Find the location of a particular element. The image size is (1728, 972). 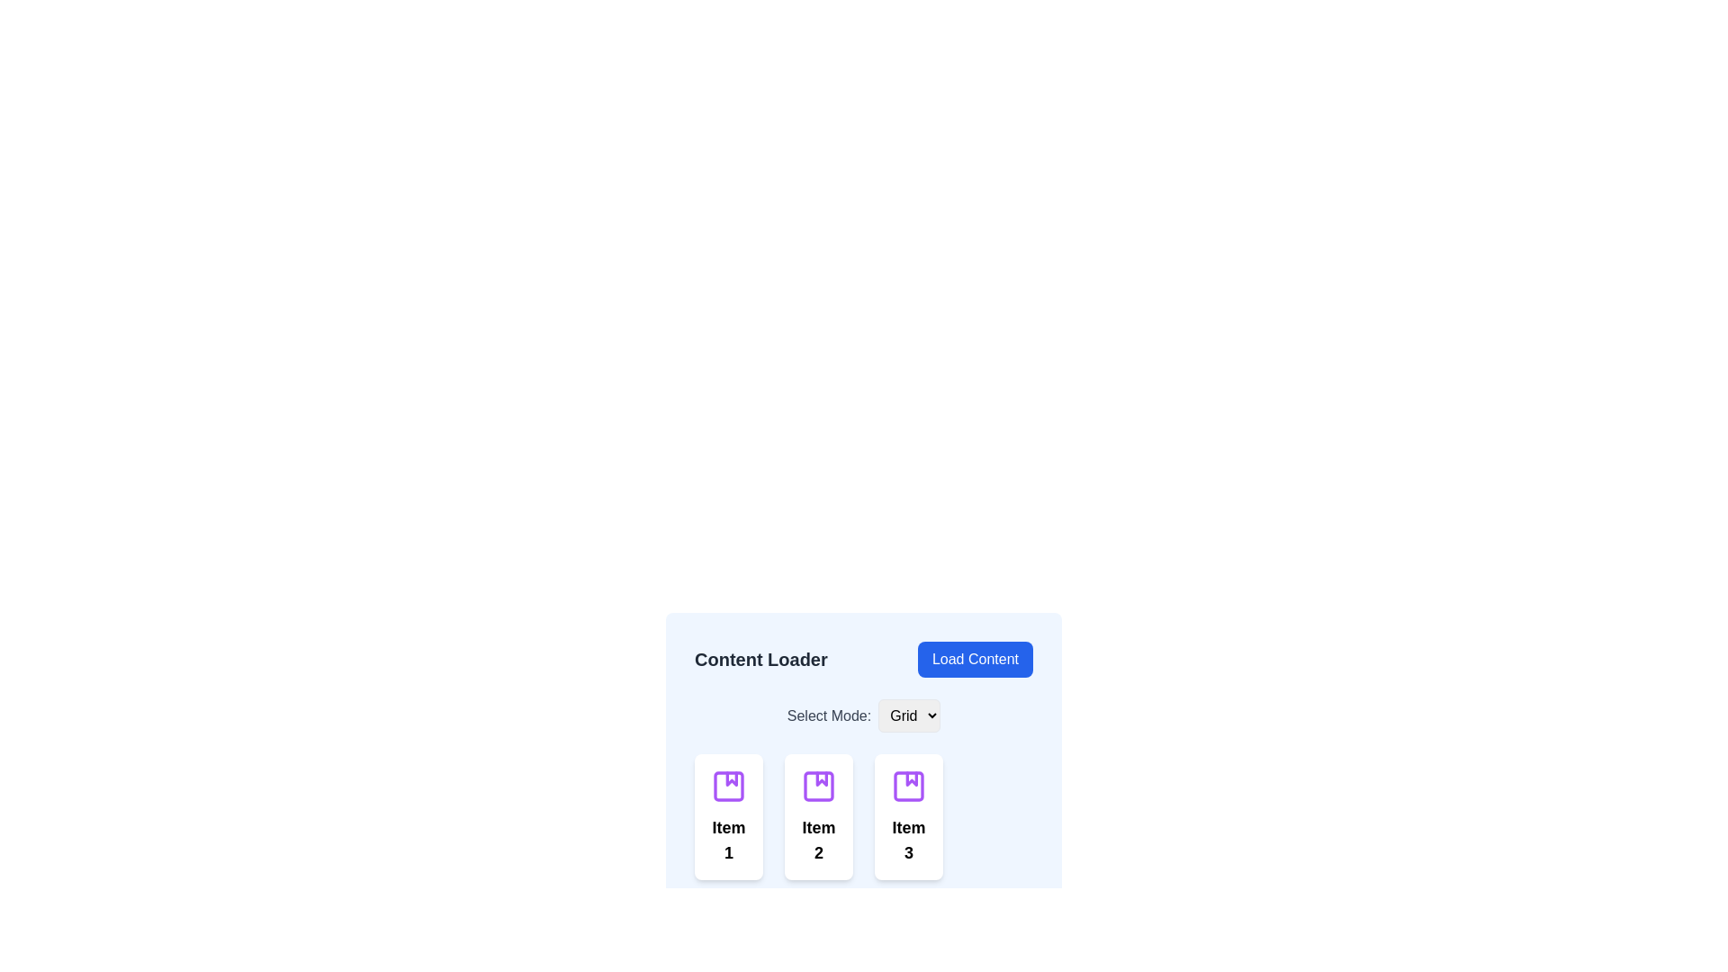

the Text Label displaying 'Item 1', which is styled in a larger font size and bold appearance, located at the bottom of a vertically stacked card component is located at coordinates (729, 840).